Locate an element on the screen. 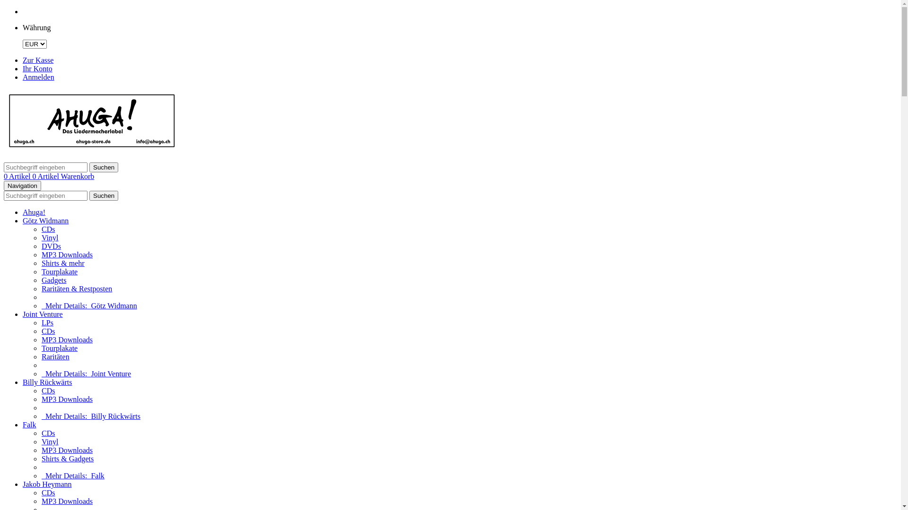 This screenshot has width=908, height=510. 'Gadgets' is located at coordinates (53, 280).